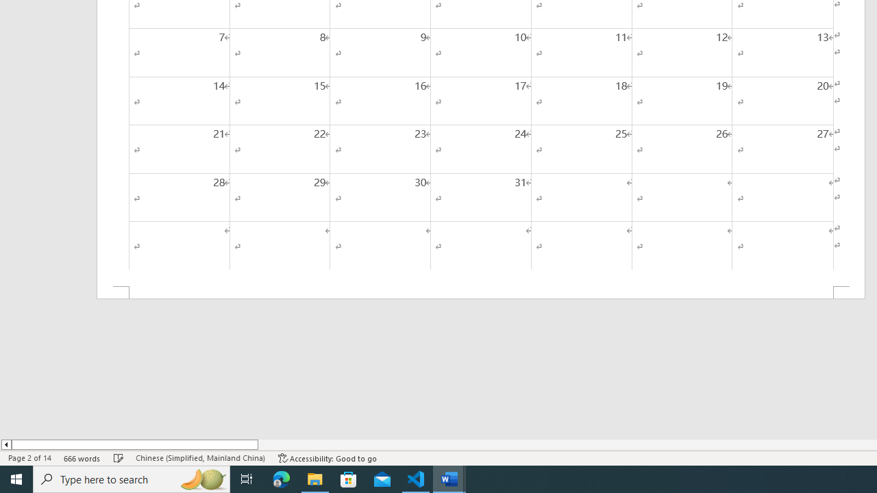 The width and height of the screenshot is (877, 493). I want to click on 'Page Number Page 2 of 14', so click(29, 458).